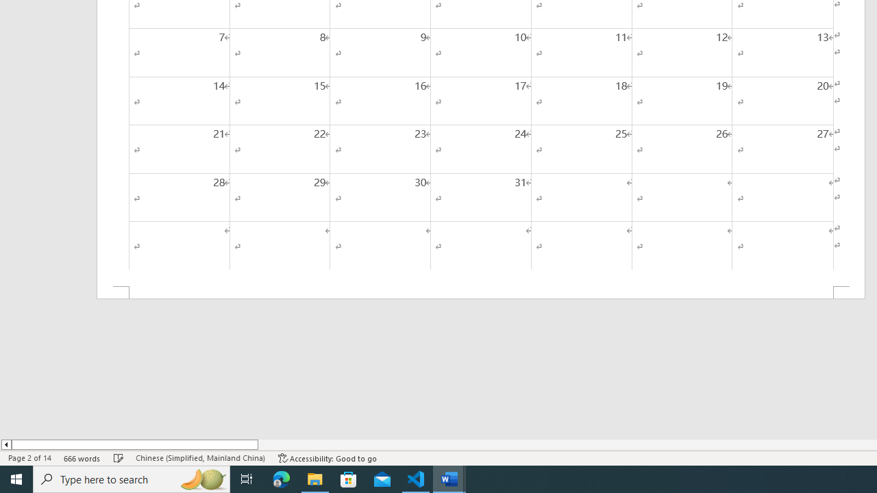 The width and height of the screenshot is (877, 493). I want to click on 'Page Number Page 2 of 14', so click(29, 458).